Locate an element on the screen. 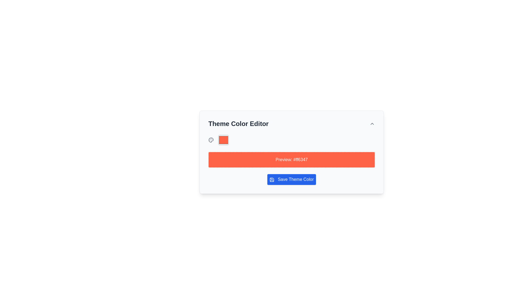  the rectangular button with a blue background and white text 'Save Theme Color' is located at coordinates (291, 179).